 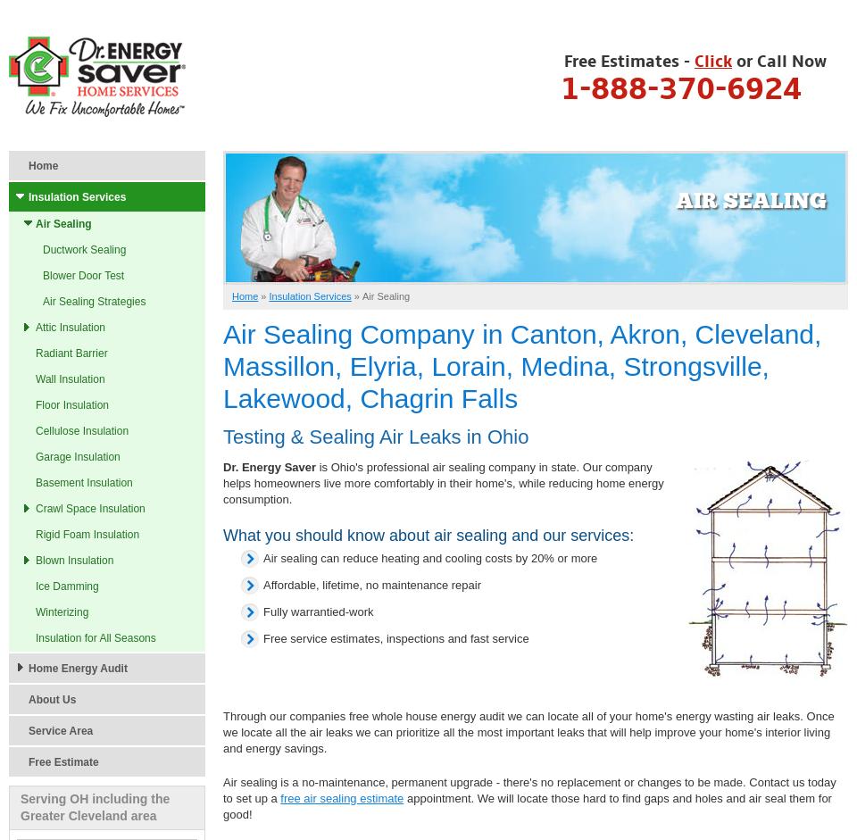 What do you see at coordinates (35, 507) in the screenshot?
I see `'Crawl Space Insulation'` at bounding box center [35, 507].